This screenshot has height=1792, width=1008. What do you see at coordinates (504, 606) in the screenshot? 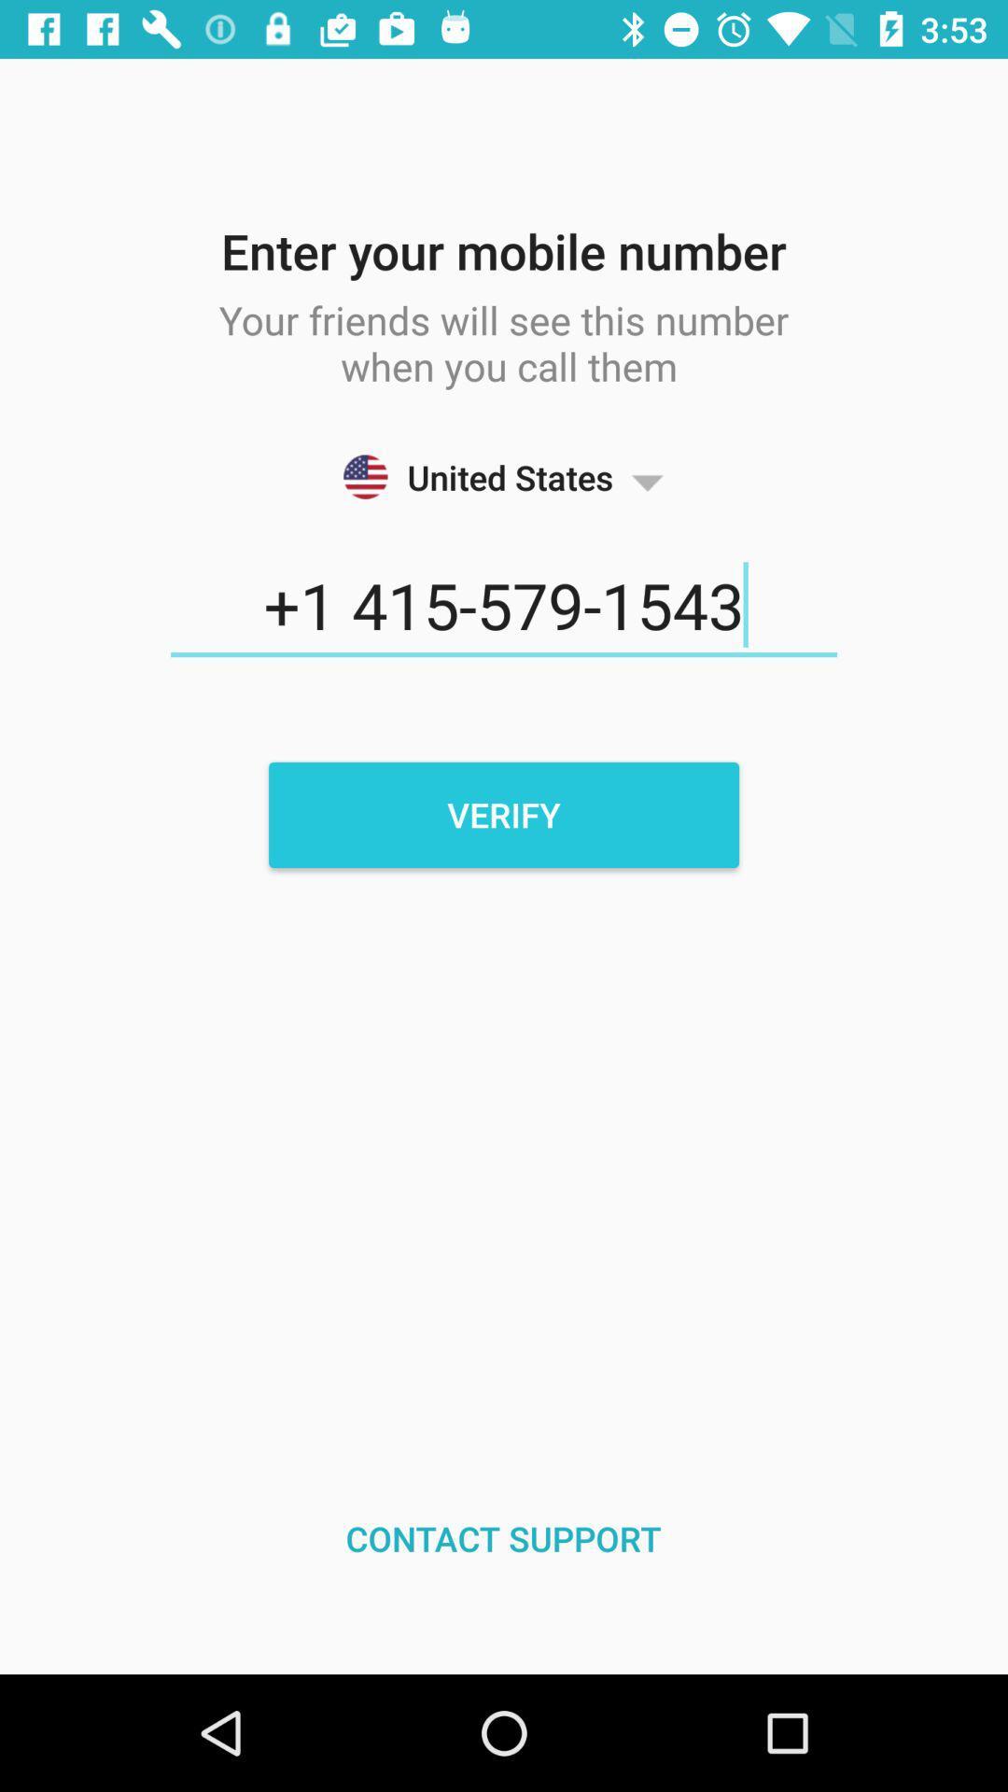
I see `1 415 579` at bounding box center [504, 606].